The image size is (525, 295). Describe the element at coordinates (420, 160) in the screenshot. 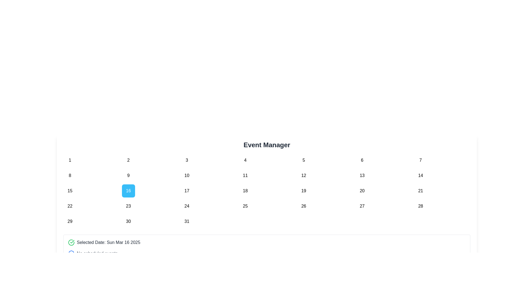

I see `the interactive button representing the numeral '7' located in the upper-right corner of the grid layout` at that location.